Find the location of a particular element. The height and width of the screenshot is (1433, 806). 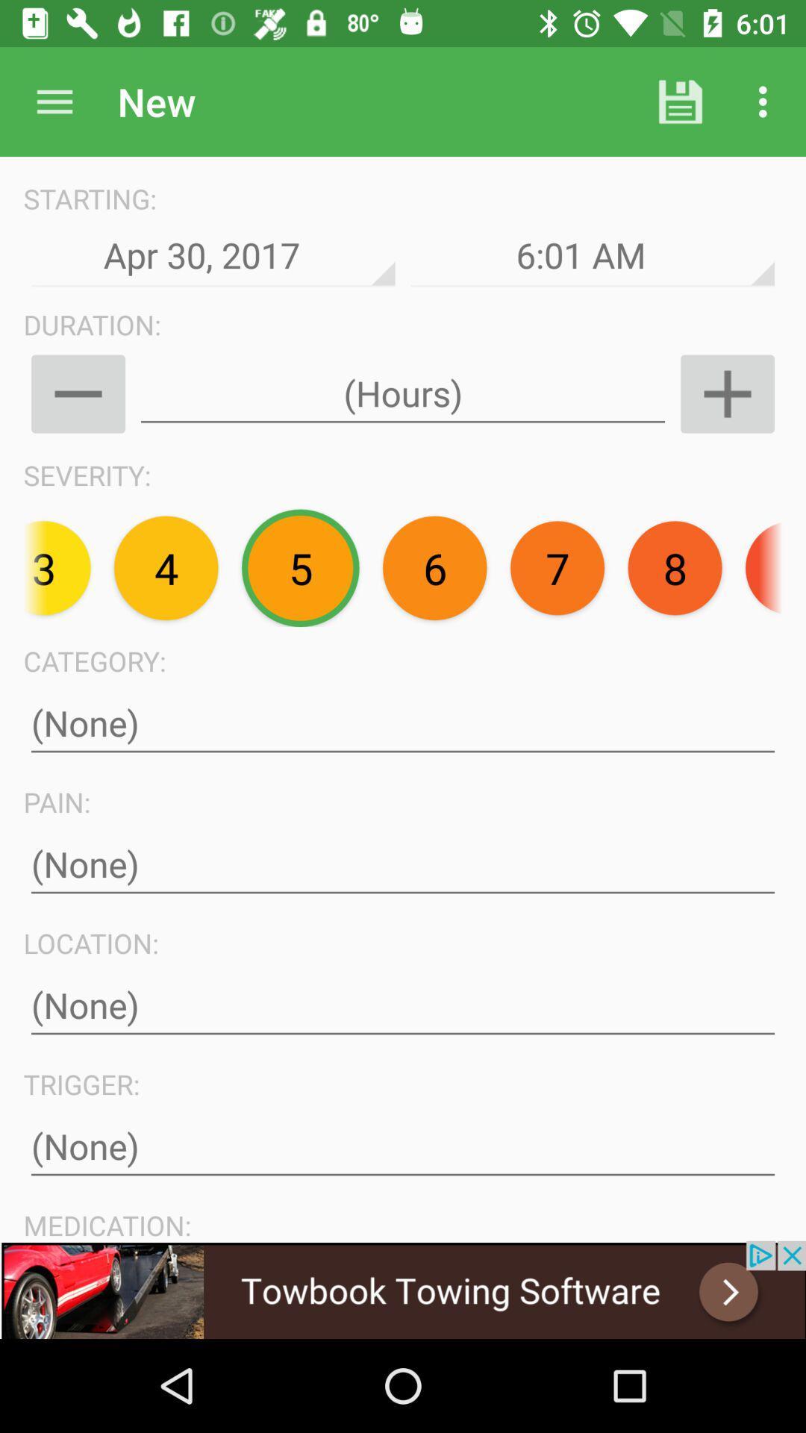

advertisement link image is located at coordinates (403, 1289).